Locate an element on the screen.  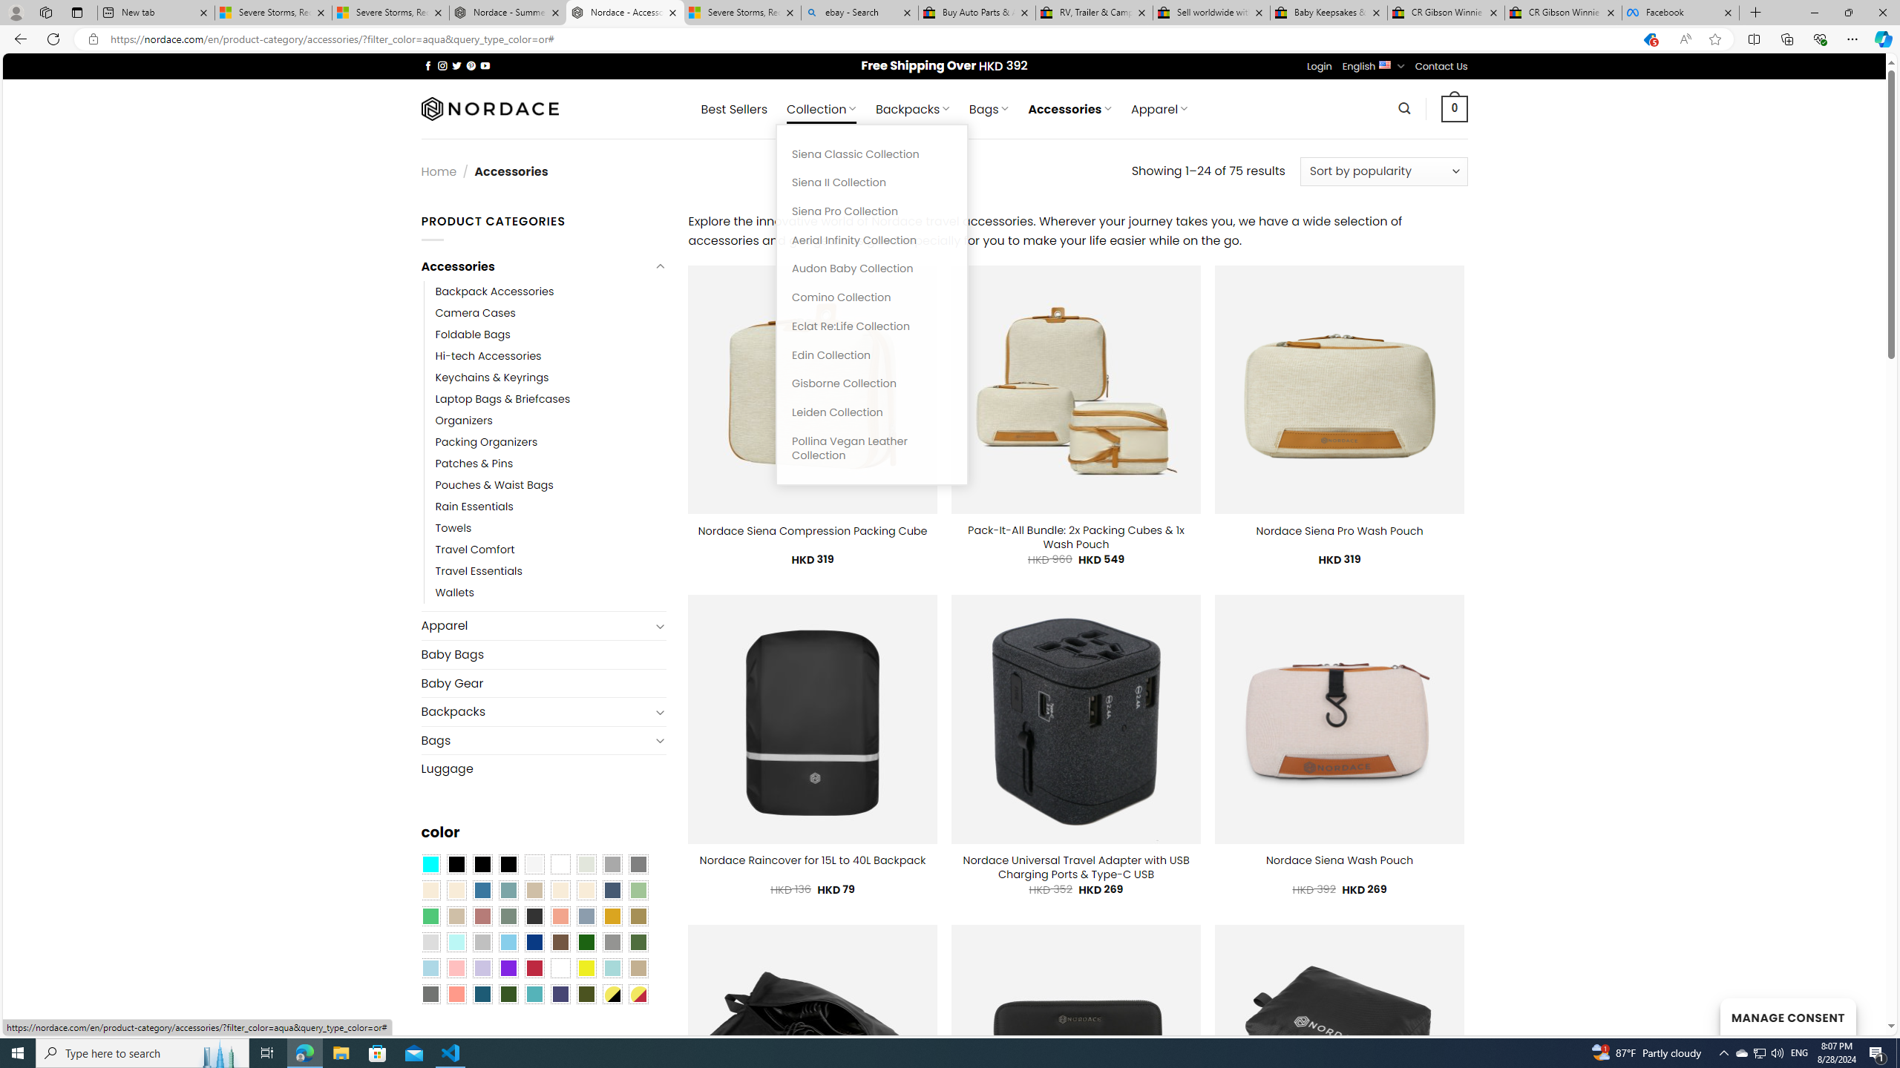
'Backpack Accessories' is located at coordinates (550, 290).